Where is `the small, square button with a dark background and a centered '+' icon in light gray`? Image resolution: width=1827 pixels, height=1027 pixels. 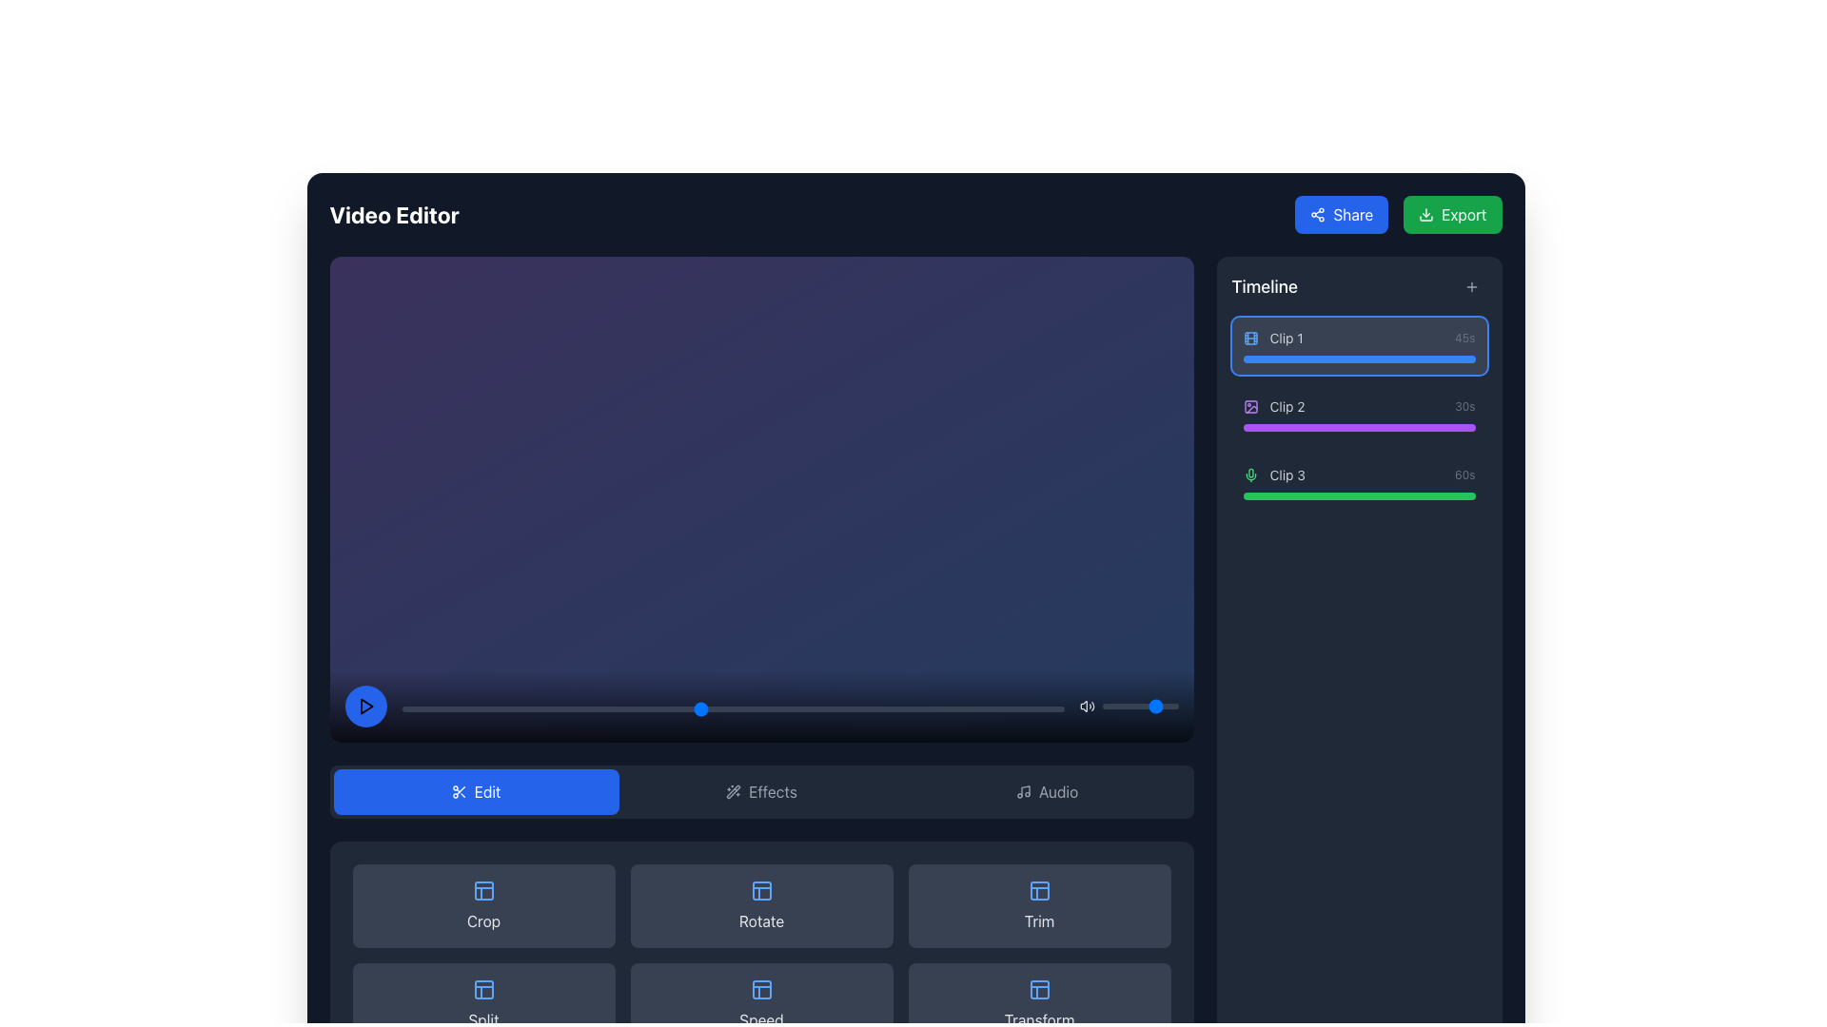
the small, square button with a dark background and a centered '+' icon in light gray is located at coordinates (1470, 286).